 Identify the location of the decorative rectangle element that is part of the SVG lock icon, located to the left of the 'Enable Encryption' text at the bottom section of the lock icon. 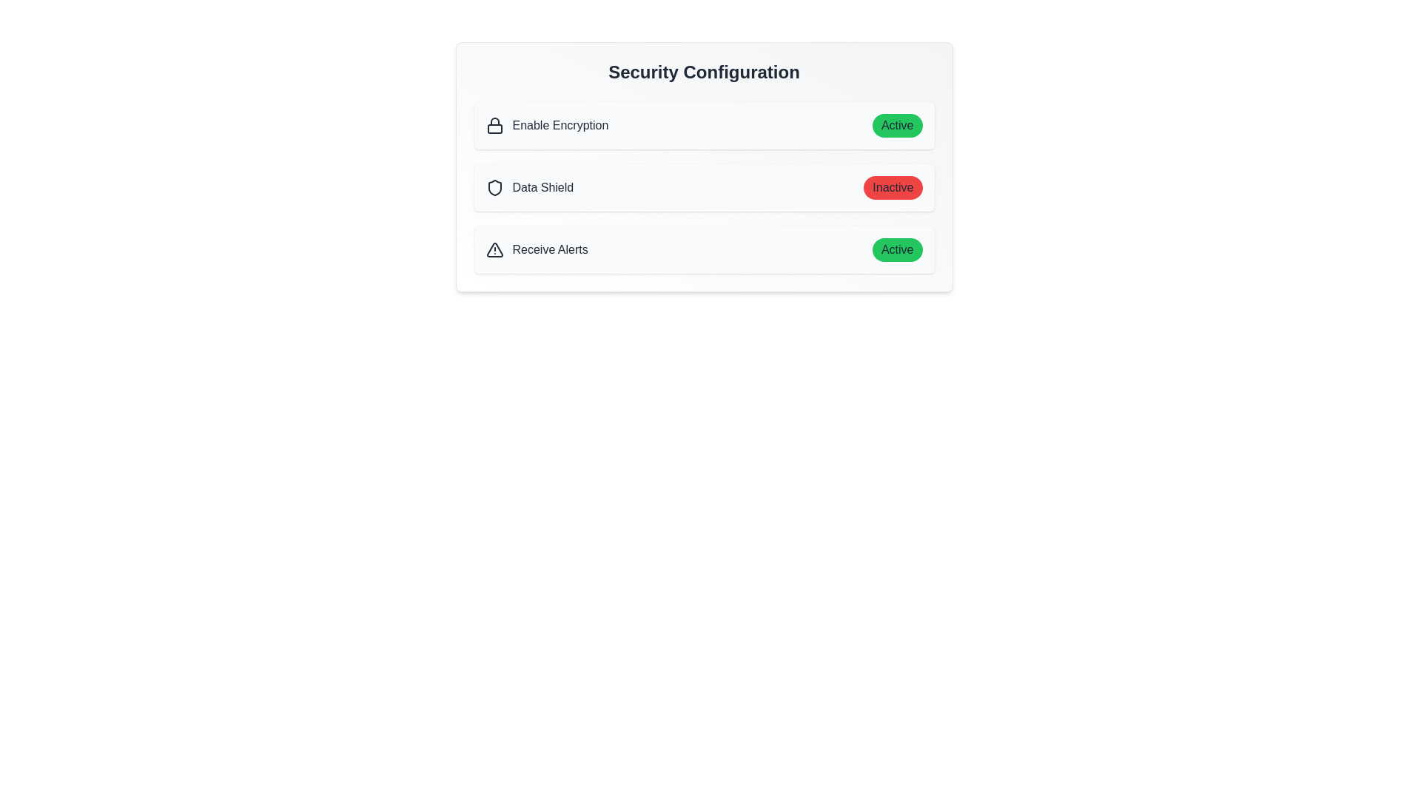
(494, 128).